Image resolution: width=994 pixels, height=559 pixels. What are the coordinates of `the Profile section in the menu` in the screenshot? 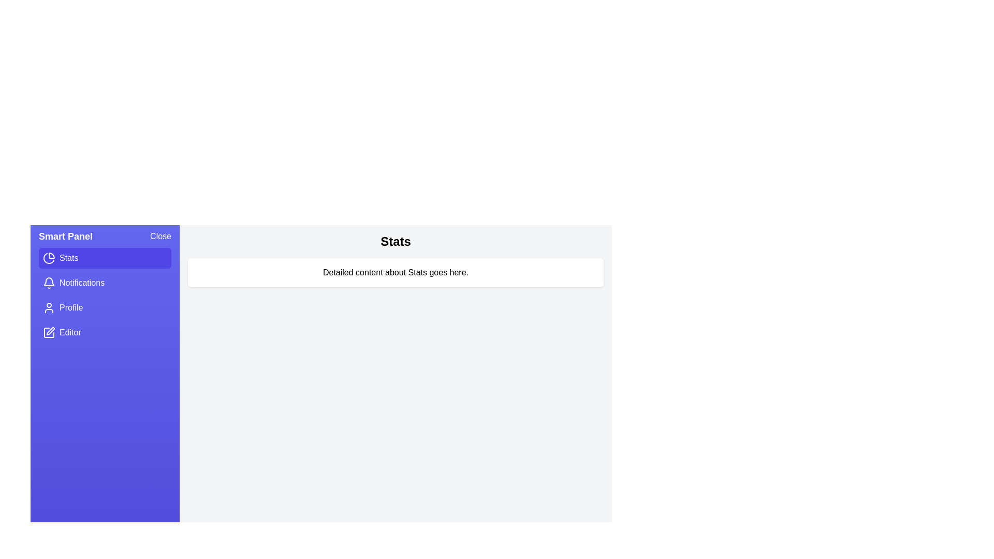 It's located at (105, 307).